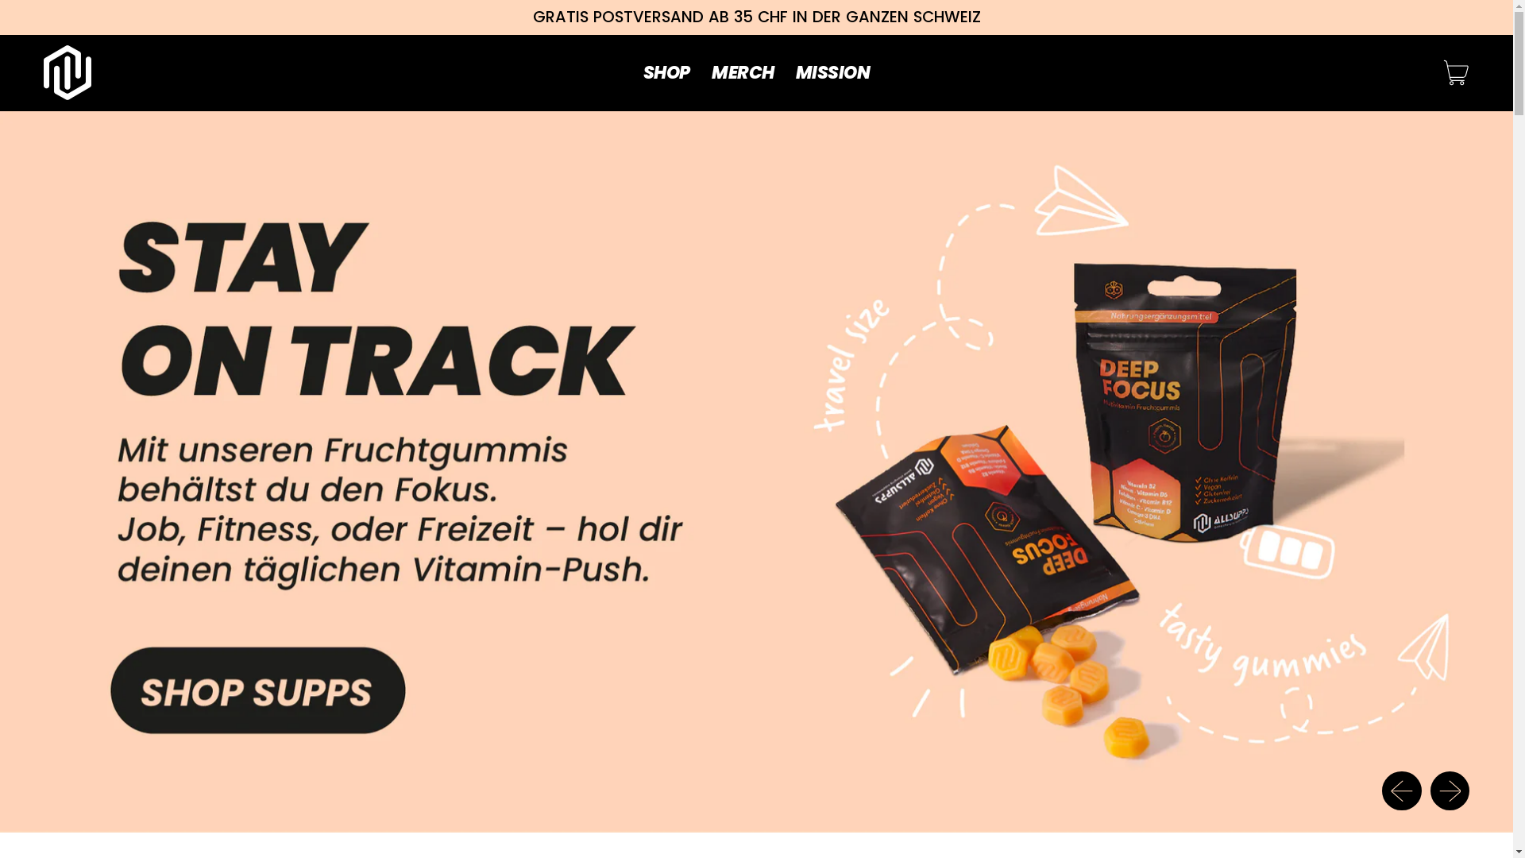 The width and height of the screenshot is (1525, 858). What do you see at coordinates (832, 72) in the screenshot?
I see `'MISSION'` at bounding box center [832, 72].